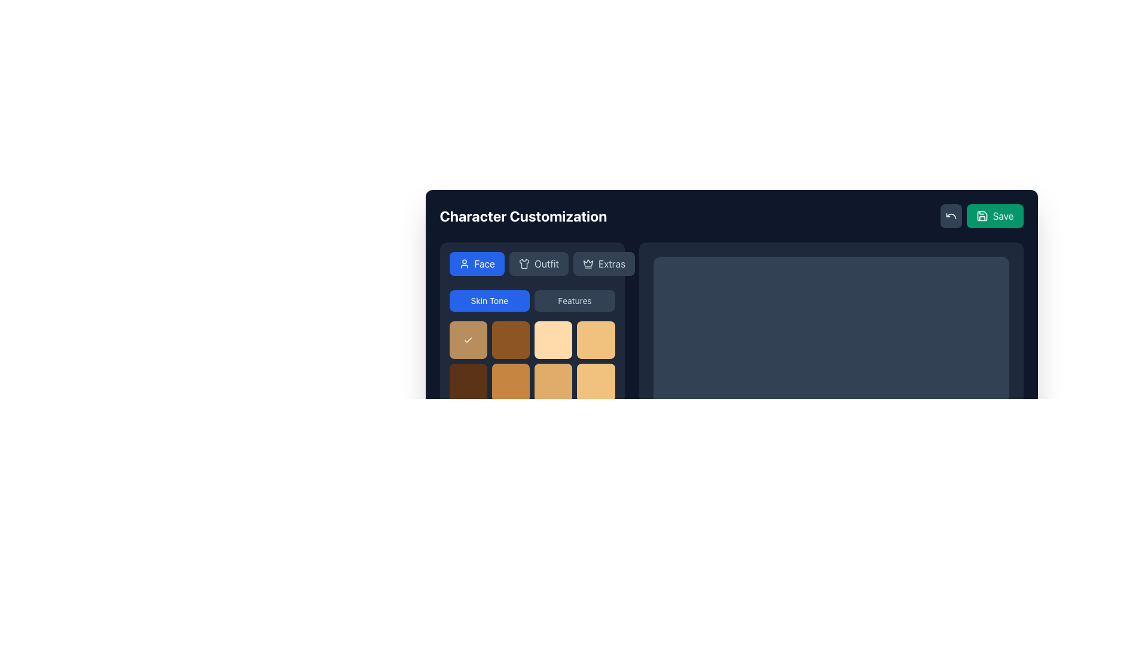  What do you see at coordinates (532, 346) in the screenshot?
I see `the Selectable color option for skin tone customization located in the third column of the first row of the grid` at bounding box center [532, 346].